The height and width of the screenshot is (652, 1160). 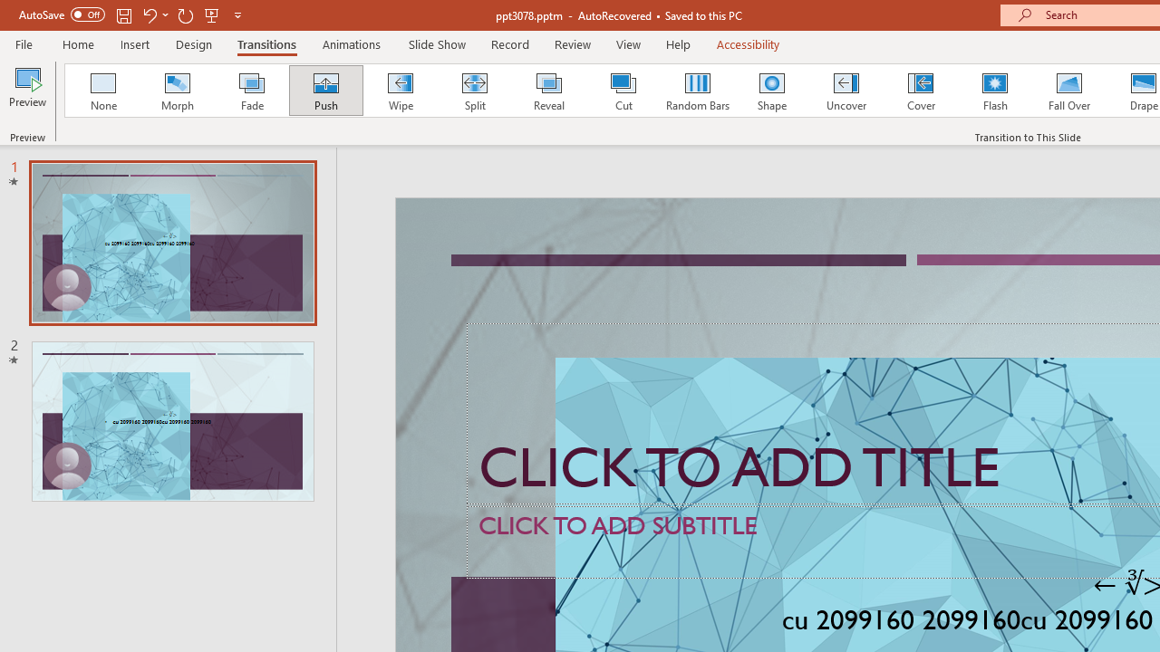 I want to click on 'Cover', so click(x=921, y=91).